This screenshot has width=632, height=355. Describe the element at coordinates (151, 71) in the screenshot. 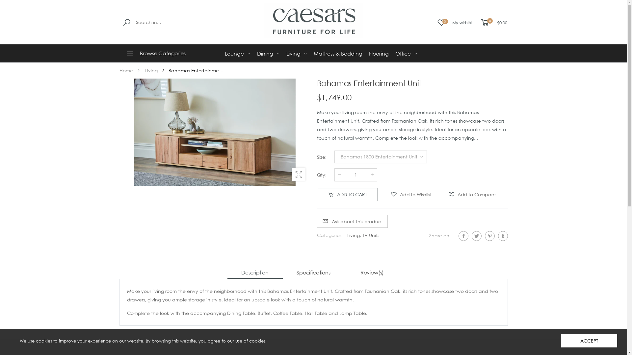

I see `'Living'` at that location.